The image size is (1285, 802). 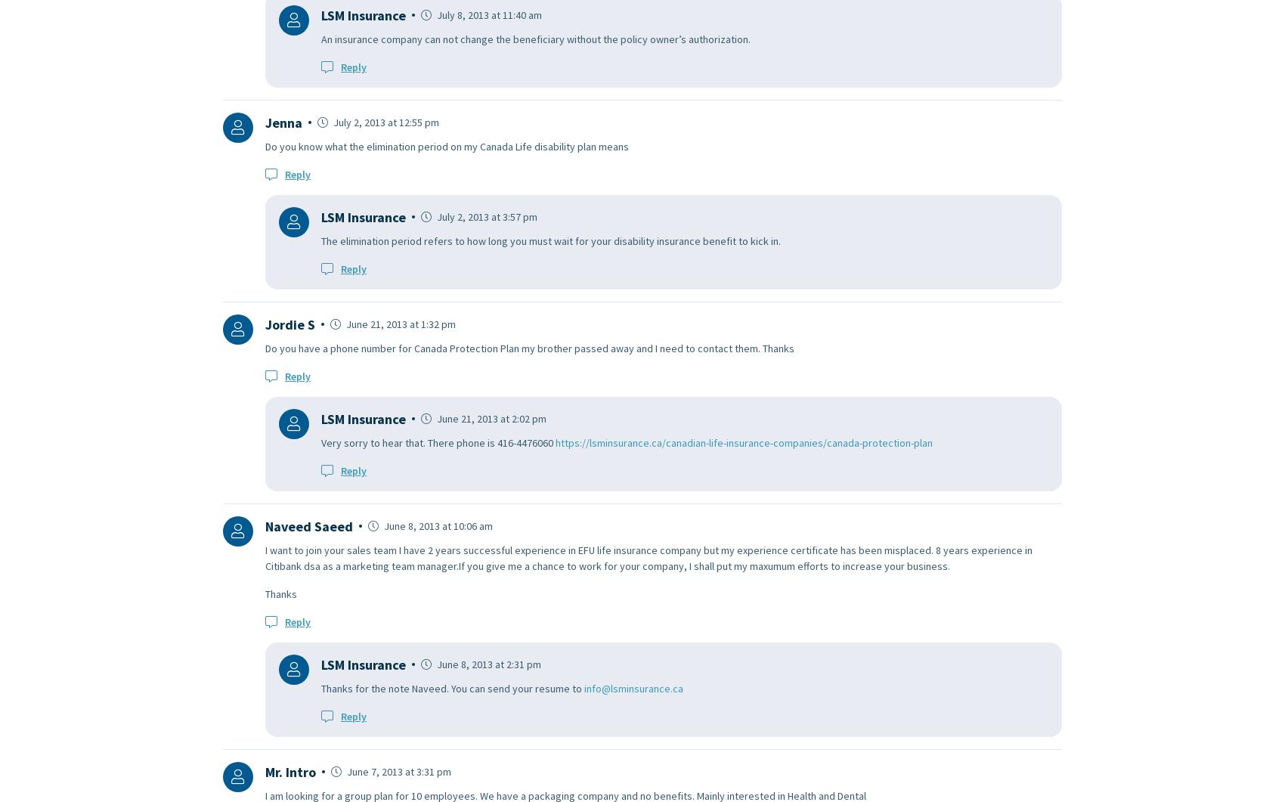 I want to click on 'June 7, 2013 at 3:31 pm', so click(x=398, y=770).